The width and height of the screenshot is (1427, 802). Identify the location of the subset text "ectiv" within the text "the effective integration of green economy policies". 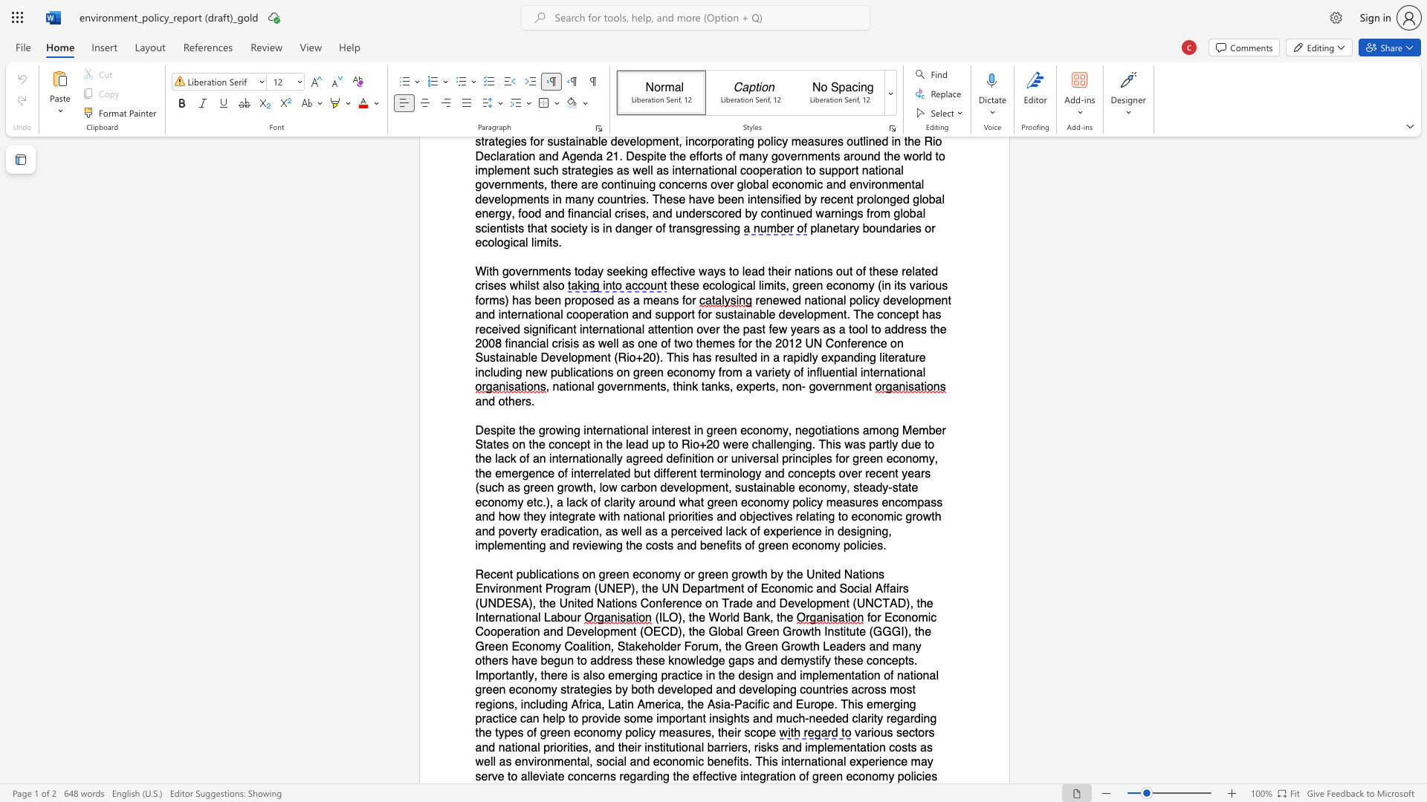
(705, 775).